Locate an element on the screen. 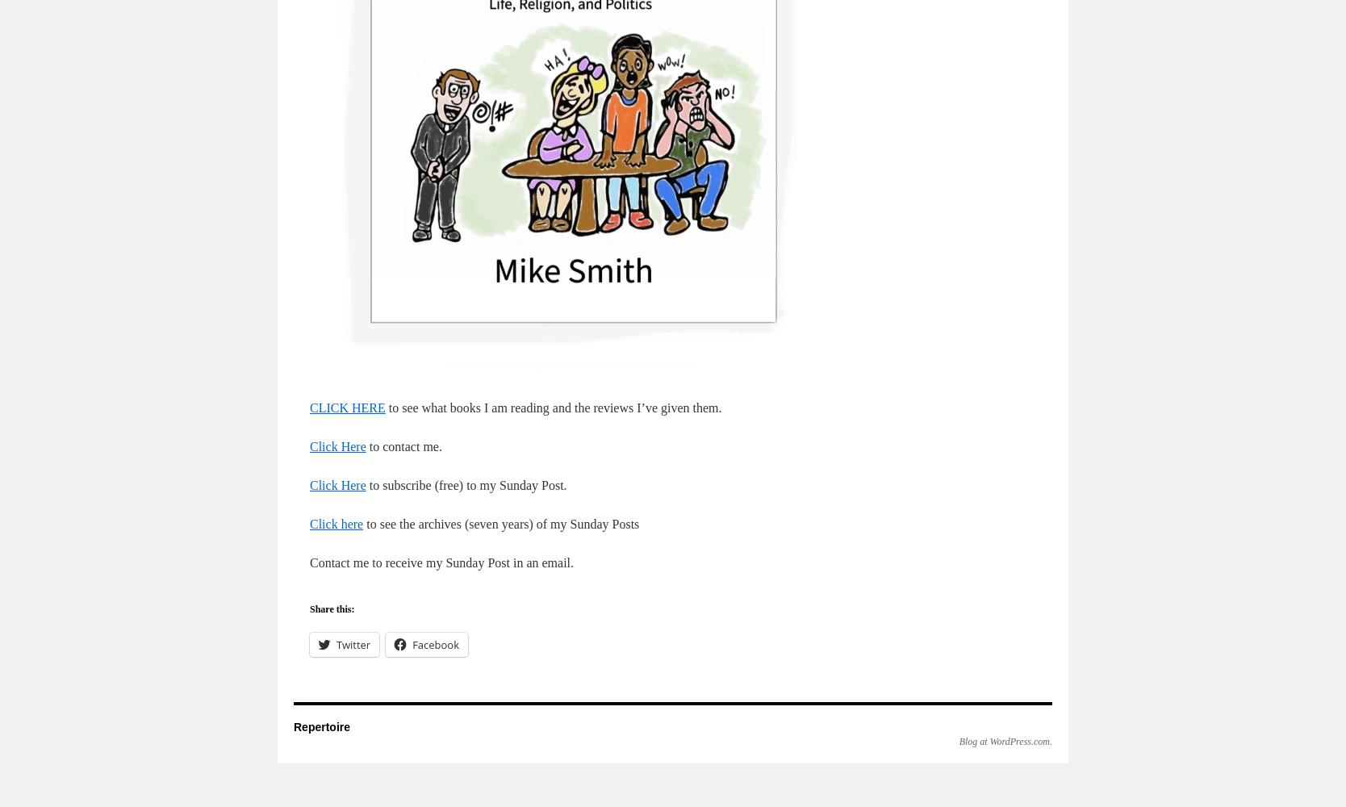 The image size is (1346, 807). 'to see what books I am reading and the reviews I’ve given them.' is located at coordinates (552, 408).